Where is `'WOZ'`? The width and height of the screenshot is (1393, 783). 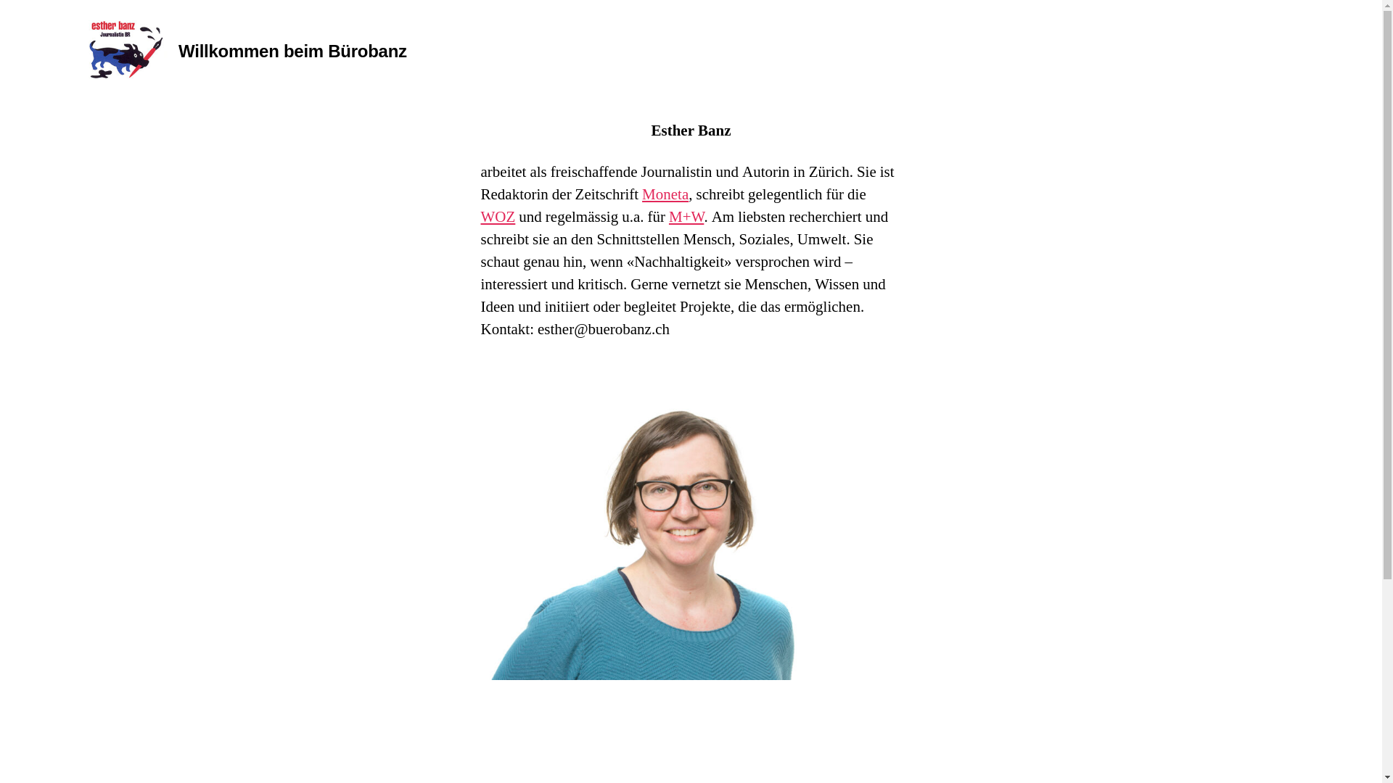
'WOZ' is located at coordinates (498, 217).